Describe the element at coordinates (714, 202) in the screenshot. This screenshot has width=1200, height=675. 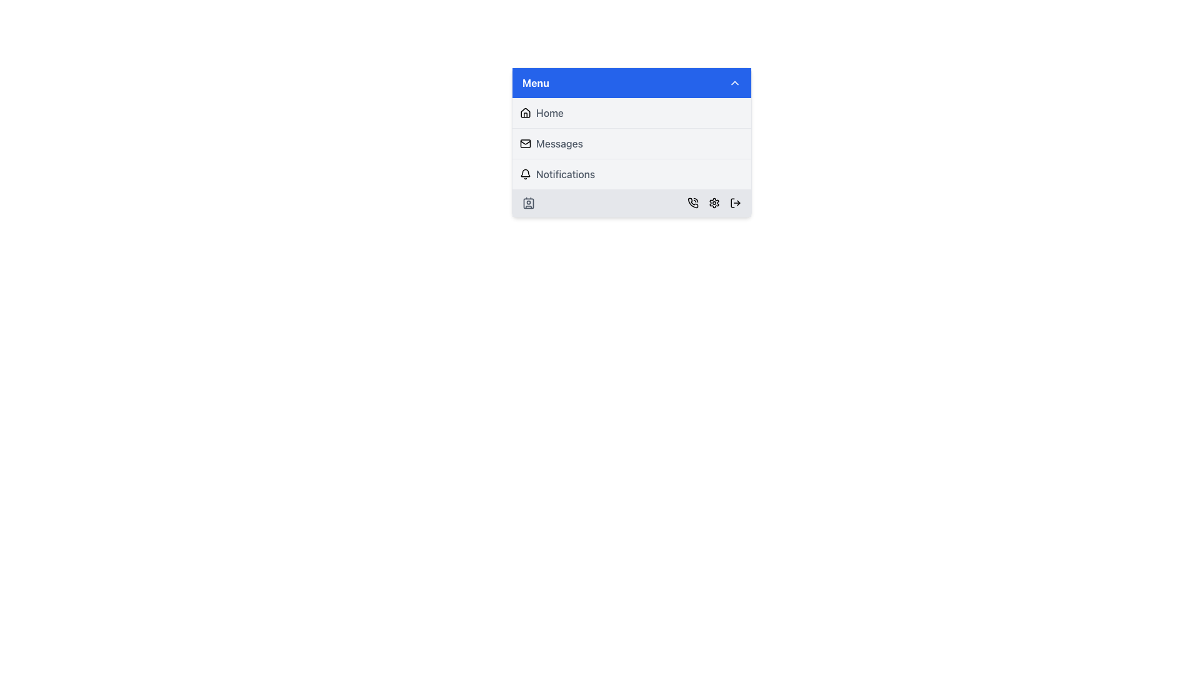
I see `the gear icon button, which is styled as a black outline on a gray background, located in the bottom row of icons within the menu box` at that location.